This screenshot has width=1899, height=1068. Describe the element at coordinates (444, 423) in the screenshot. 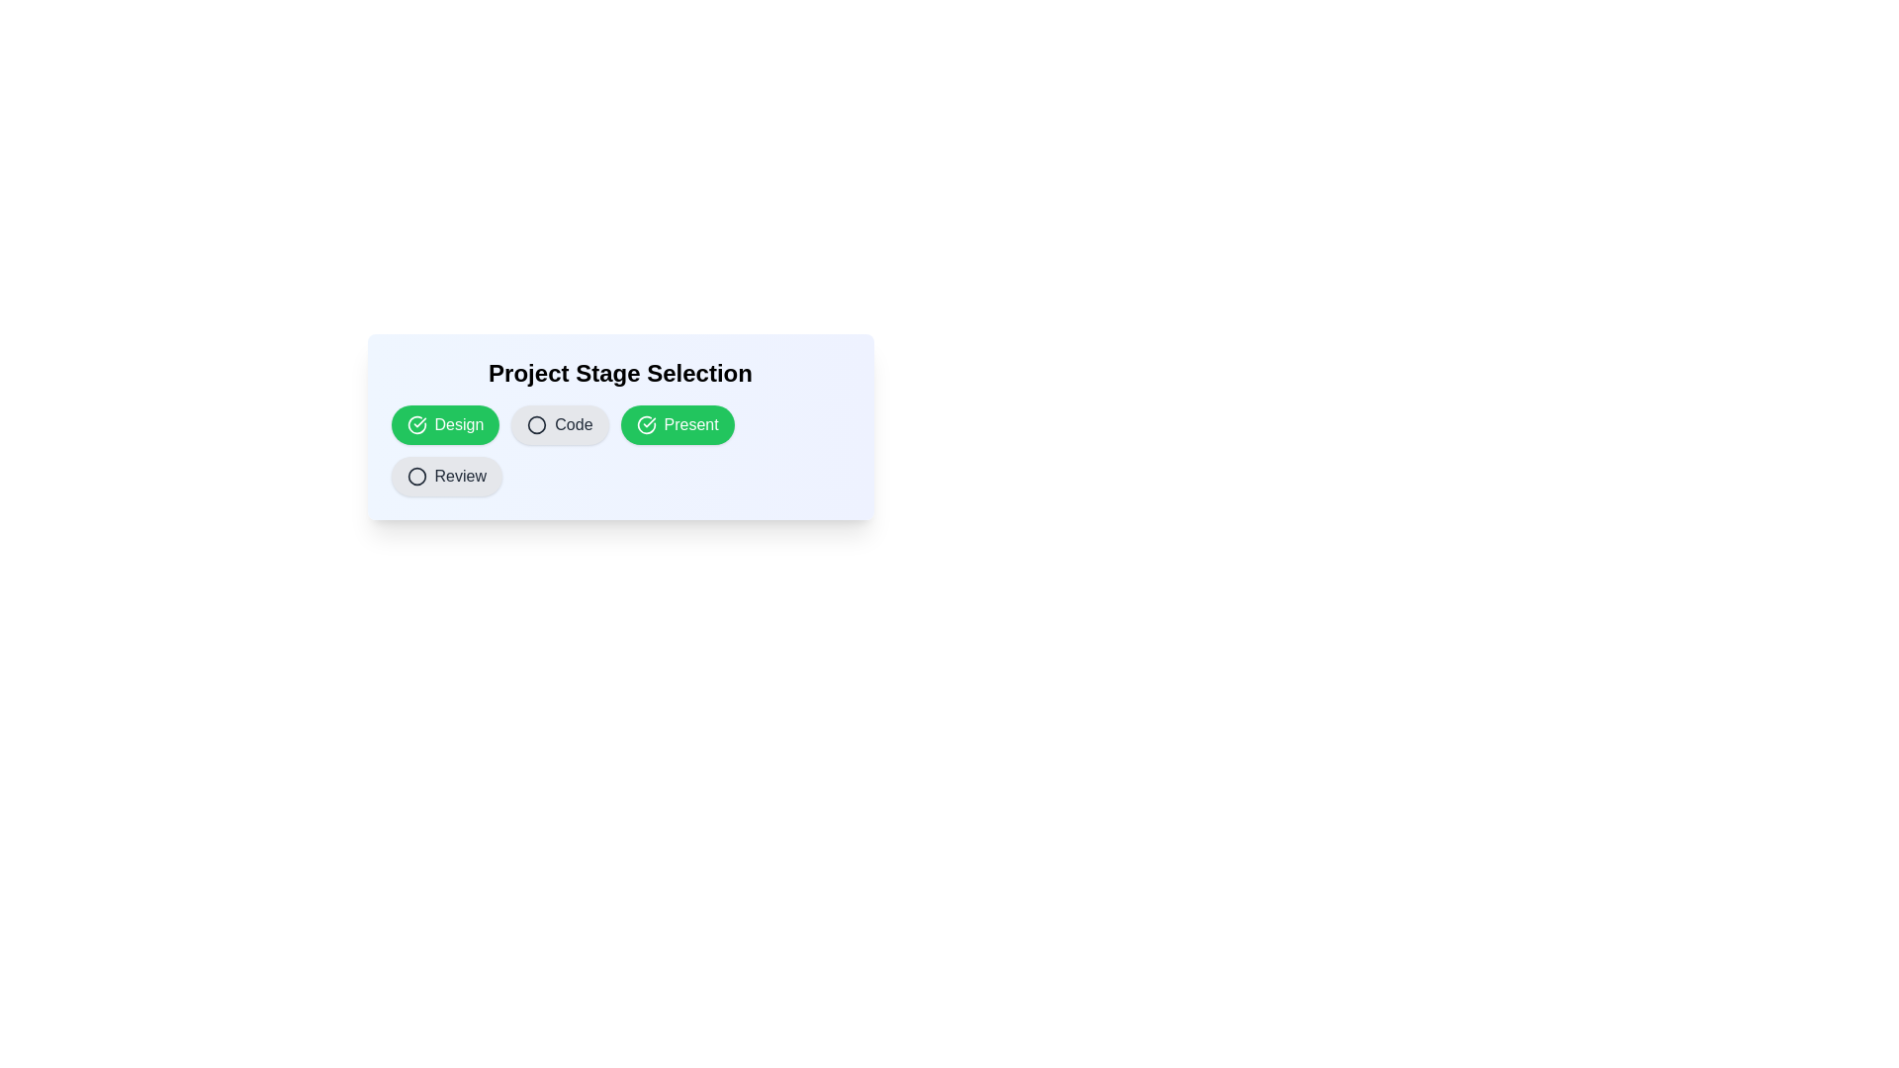

I see `the chip labeled Design` at that location.